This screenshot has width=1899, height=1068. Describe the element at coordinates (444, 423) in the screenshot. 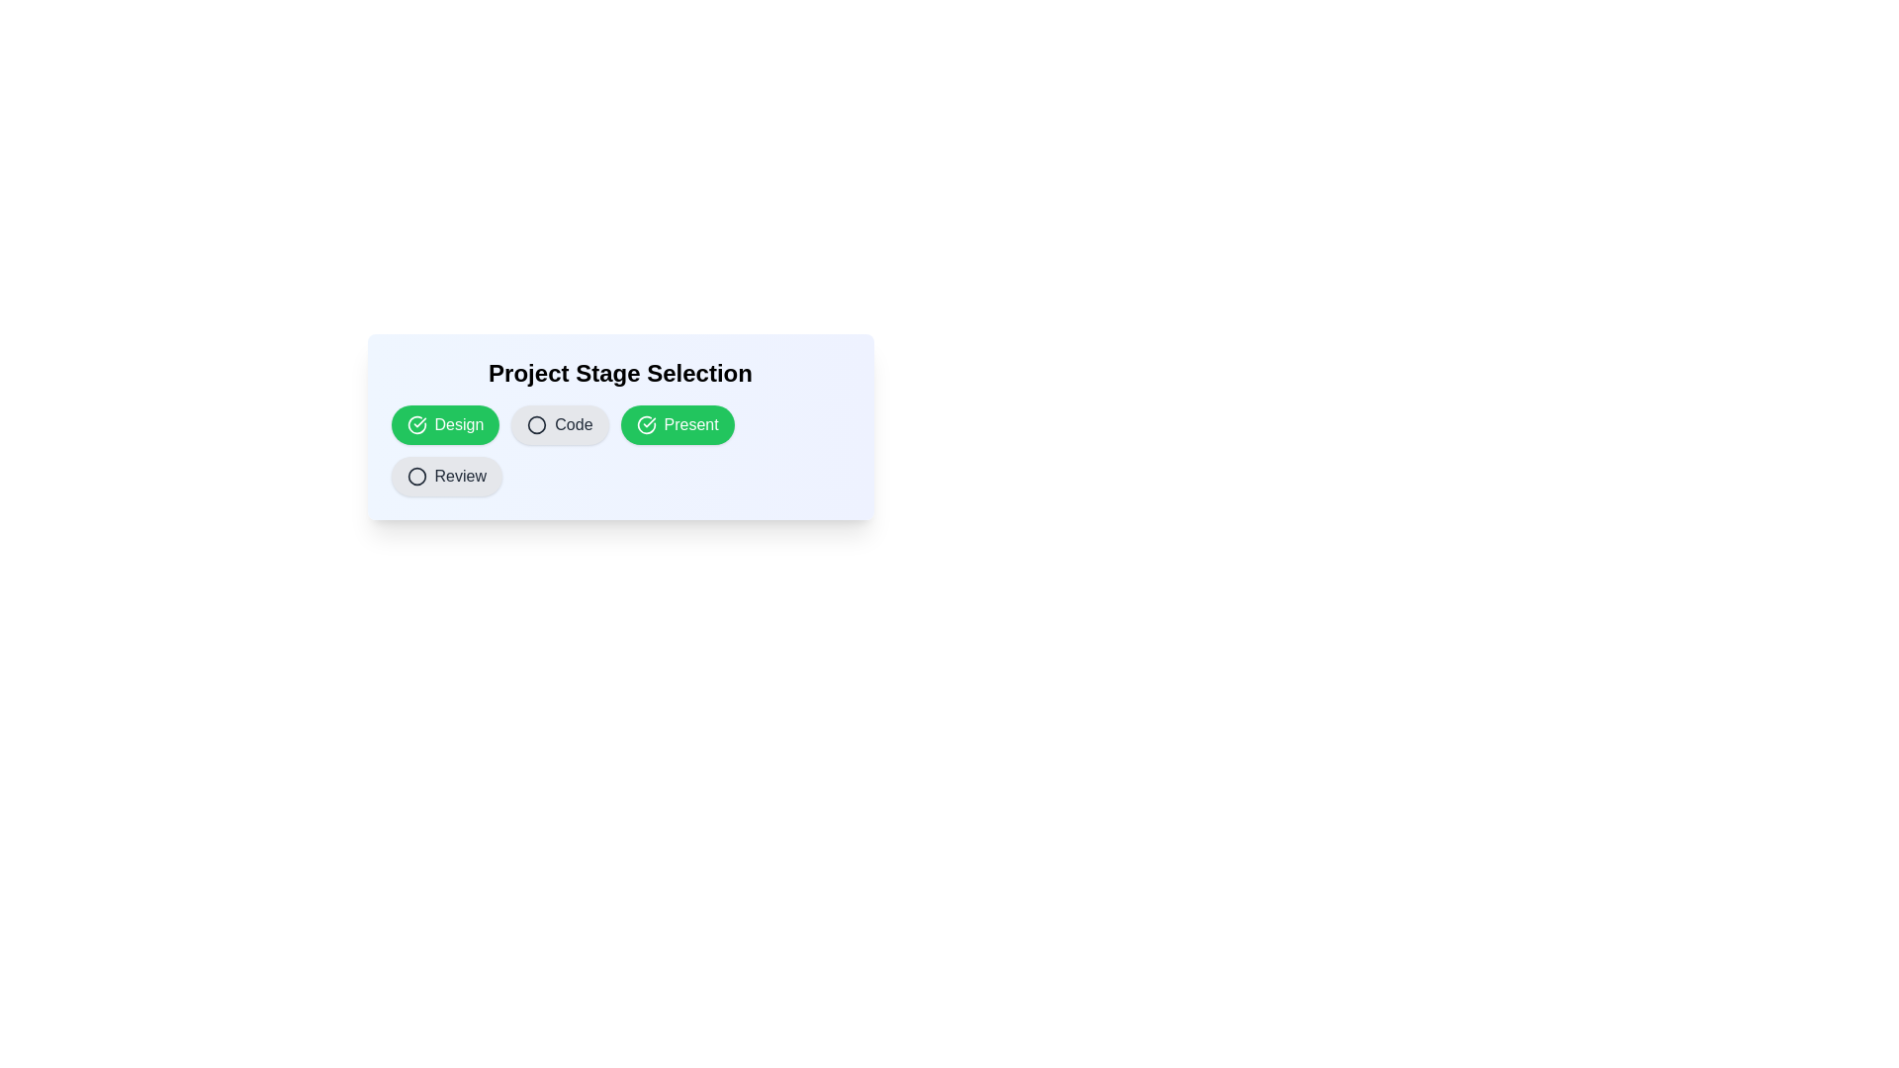

I see `the chip labeled Design` at that location.